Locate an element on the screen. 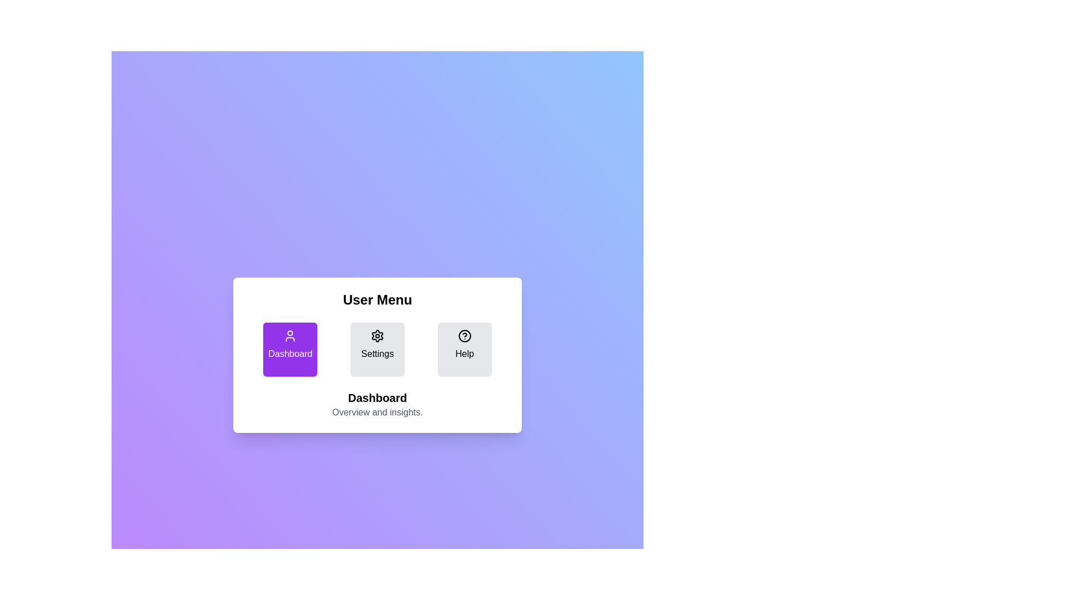 The image size is (1082, 608). the menu button Dashboard to observe visual changes is located at coordinates (290, 349).